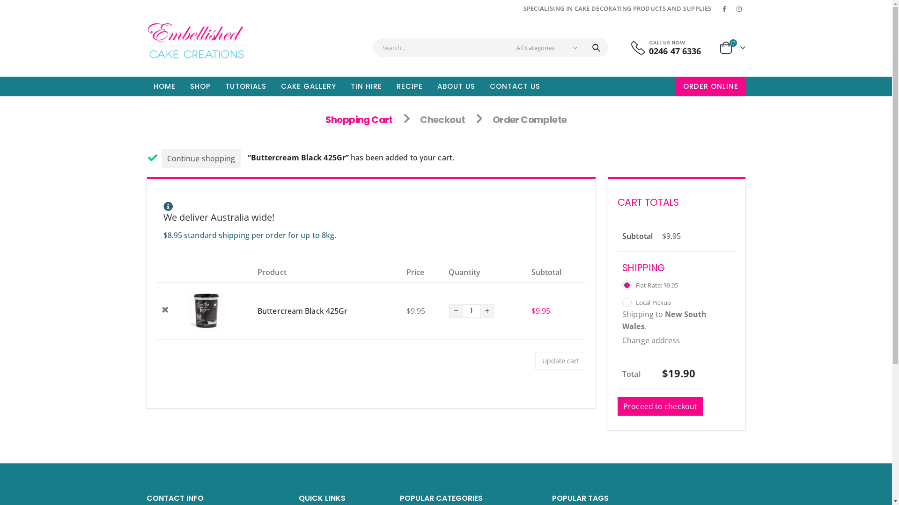 The image size is (899, 505). Describe the element at coordinates (201, 158) in the screenshot. I see `'Continue shopping'` at that location.